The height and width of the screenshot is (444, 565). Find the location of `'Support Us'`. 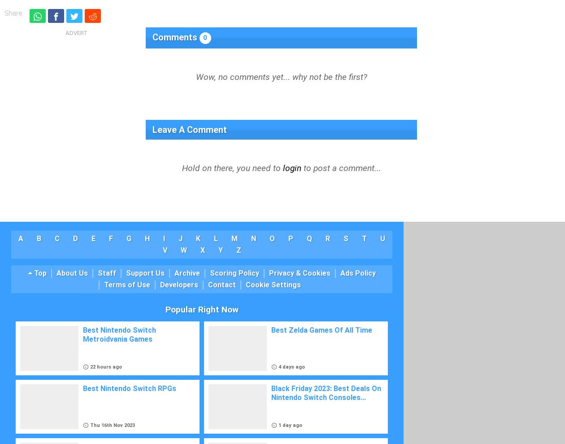

'Support Us' is located at coordinates (144, 273).